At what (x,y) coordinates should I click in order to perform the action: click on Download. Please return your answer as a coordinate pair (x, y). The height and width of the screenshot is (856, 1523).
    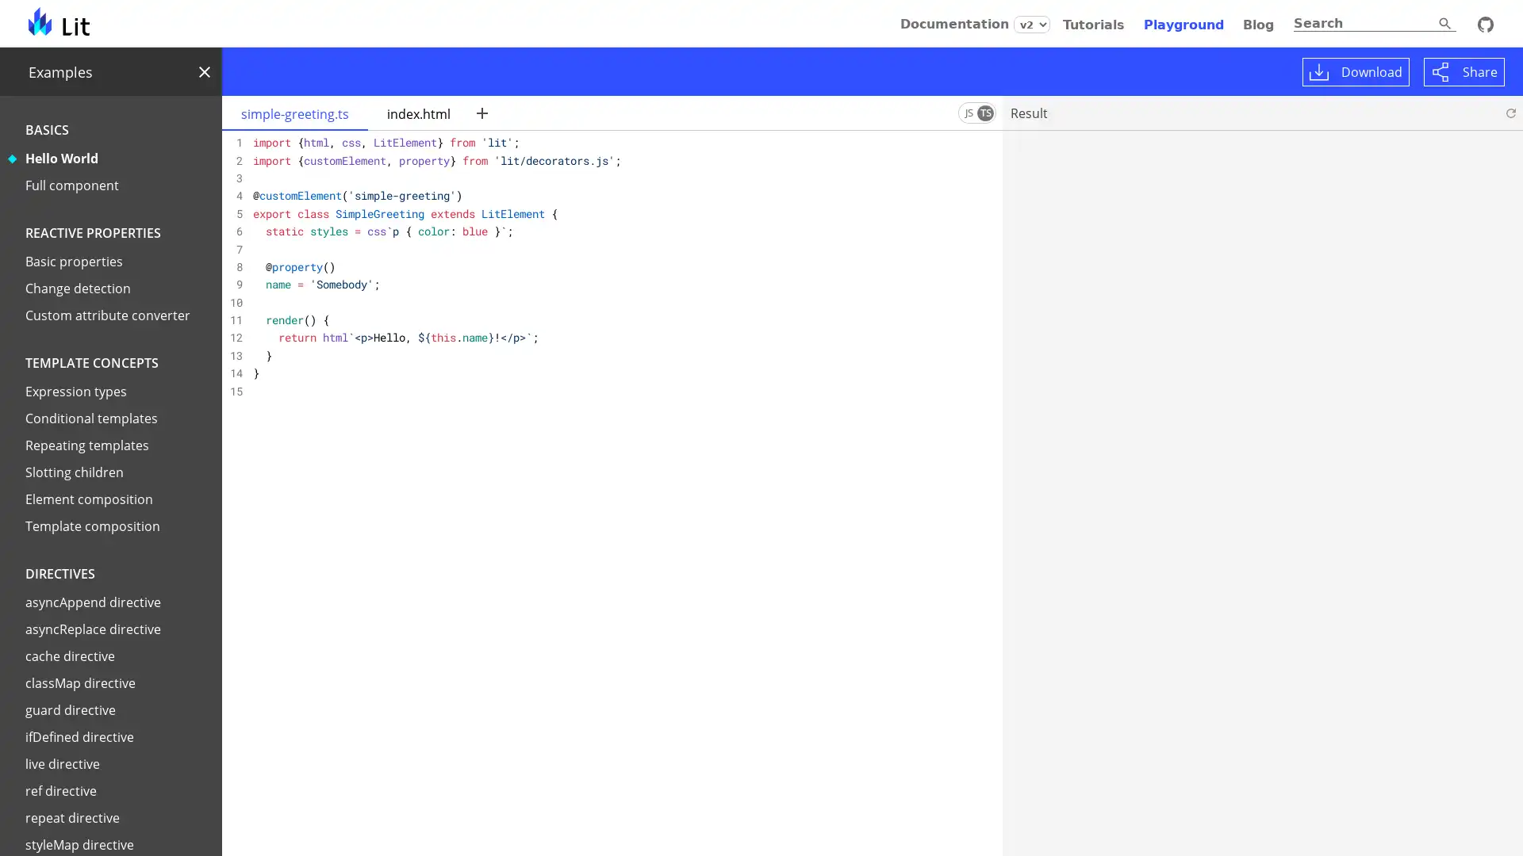
    Looking at the image, I should click on (1354, 70).